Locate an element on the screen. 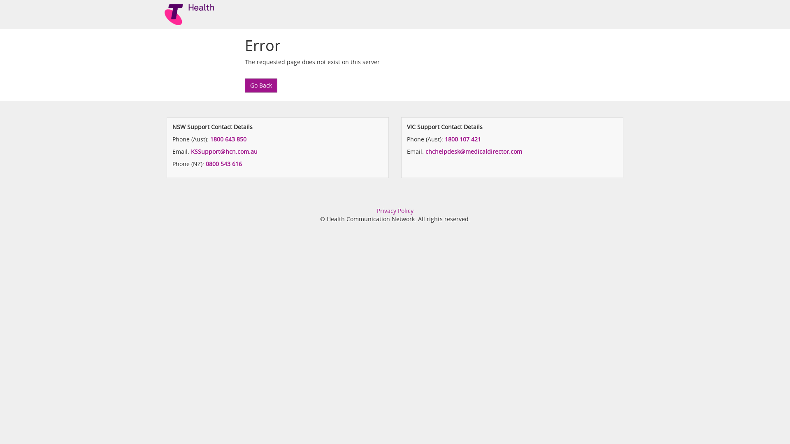 Image resolution: width=790 pixels, height=444 pixels. '1800 643 850' is located at coordinates (228, 139).